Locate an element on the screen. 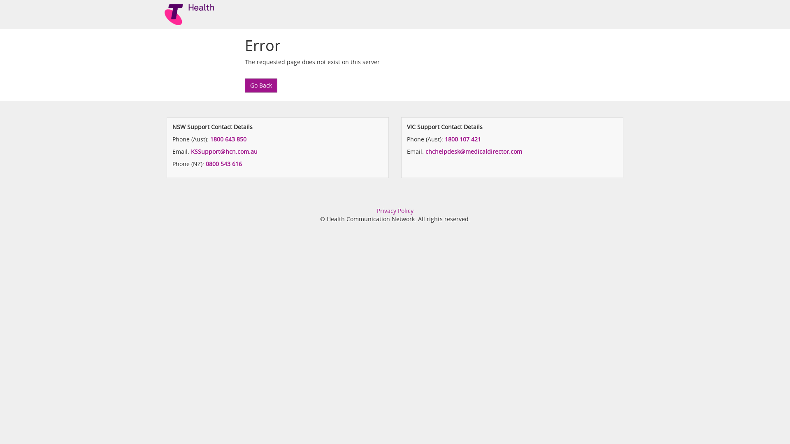 Image resolution: width=790 pixels, height=444 pixels. '1800 643 850' is located at coordinates (228, 139).